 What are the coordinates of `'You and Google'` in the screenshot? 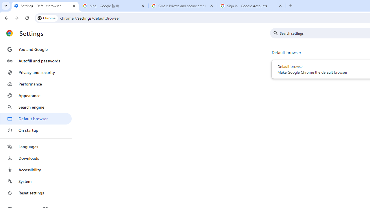 It's located at (36, 49).